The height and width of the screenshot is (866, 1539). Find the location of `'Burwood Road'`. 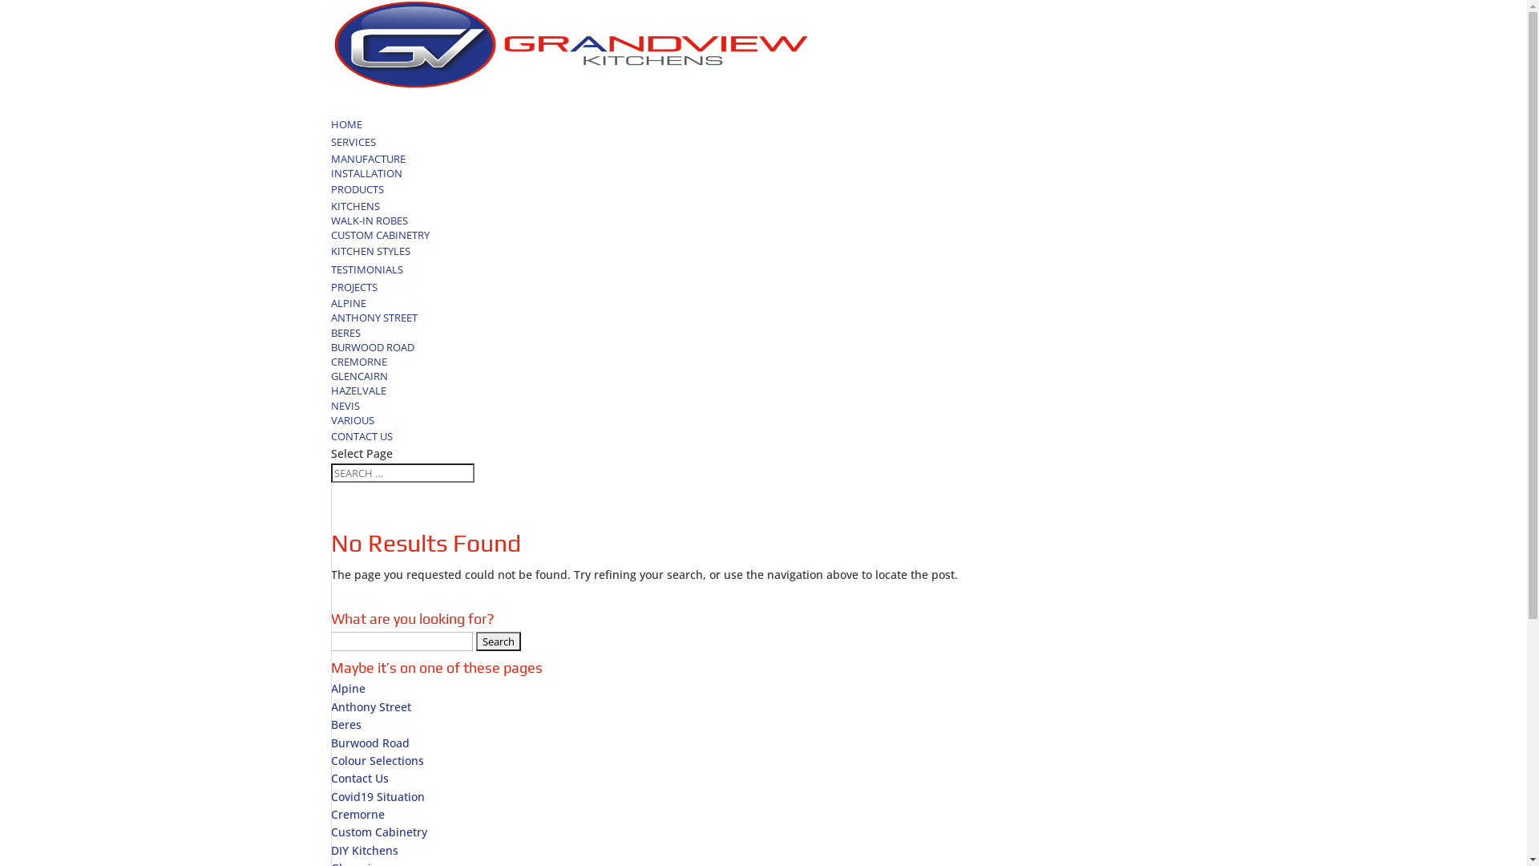

'Burwood Road' is located at coordinates (368, 742).